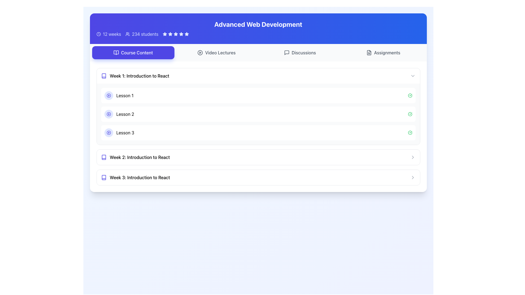  What do you see at coordinates (170, 34) in the screenshot?
I see `the third star-shaped icon in the rating system, which is filled and positioned in the top section of the interface` at bounding box center [170, 34].